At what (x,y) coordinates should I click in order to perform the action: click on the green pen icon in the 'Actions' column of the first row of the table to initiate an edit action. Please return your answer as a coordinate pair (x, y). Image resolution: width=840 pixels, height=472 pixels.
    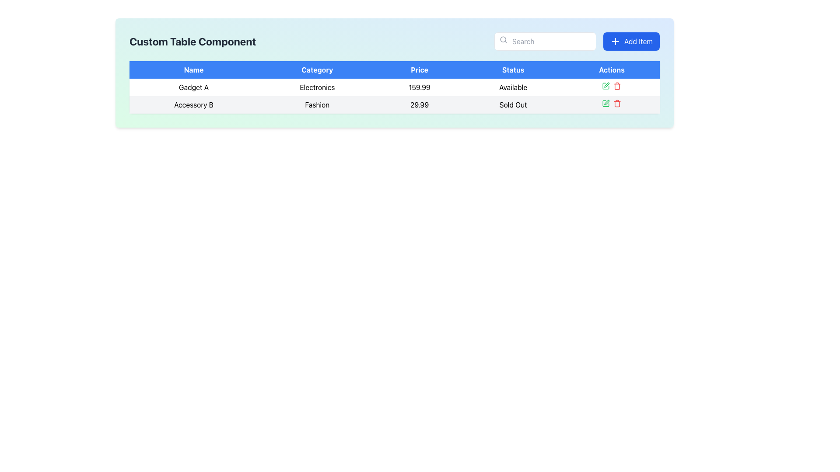
    Looking at the image, I should click on (605, 86).